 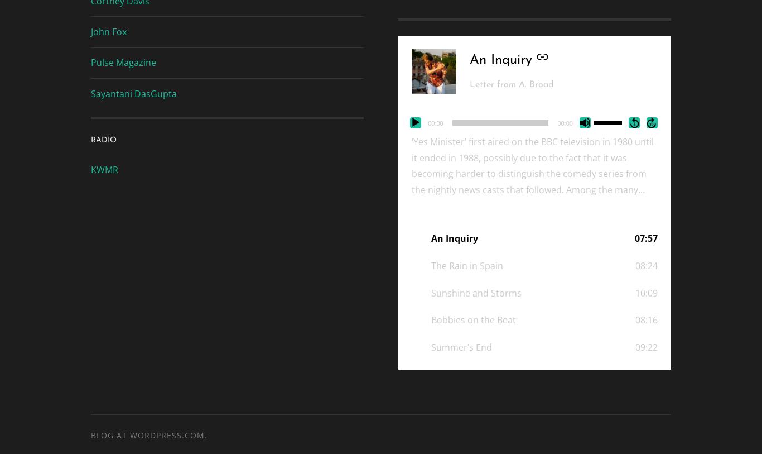 What do you see at coordinates (461, 347) in the screenshot?
I see `'Summer’s End'` at bounding box center [461, 347].